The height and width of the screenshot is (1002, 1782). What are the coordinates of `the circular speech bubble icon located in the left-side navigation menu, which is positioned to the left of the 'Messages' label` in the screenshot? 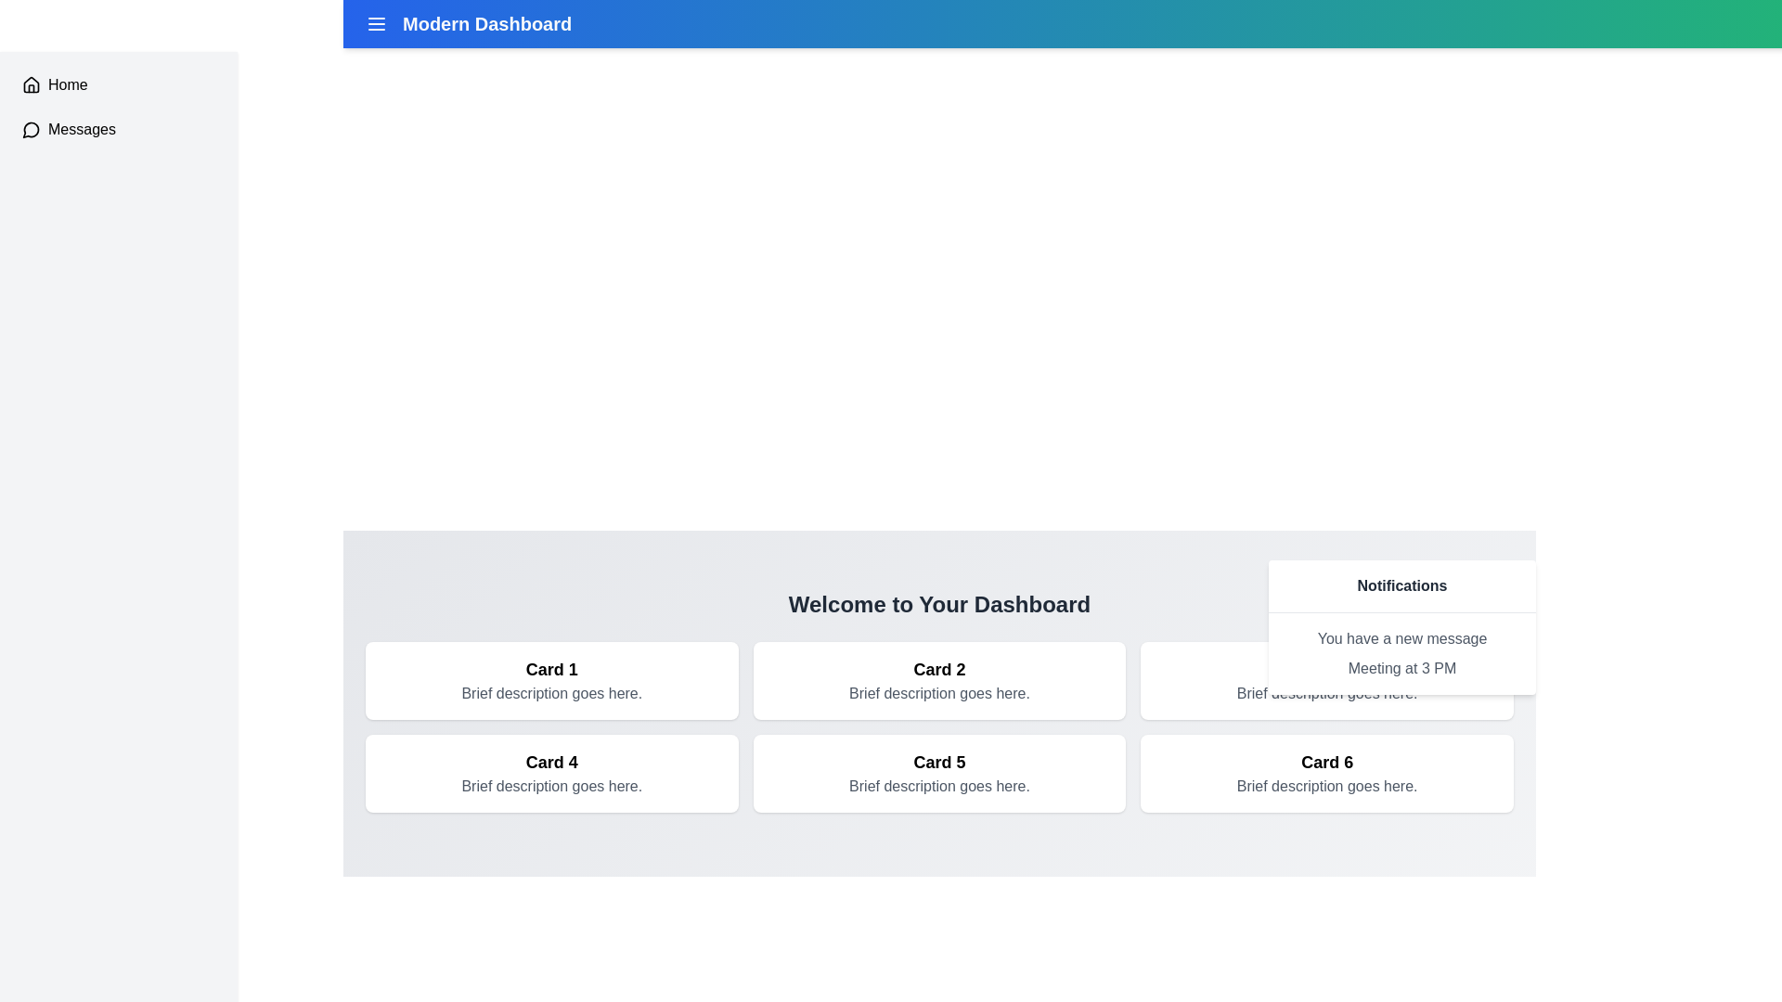 It's located at (31, 128).